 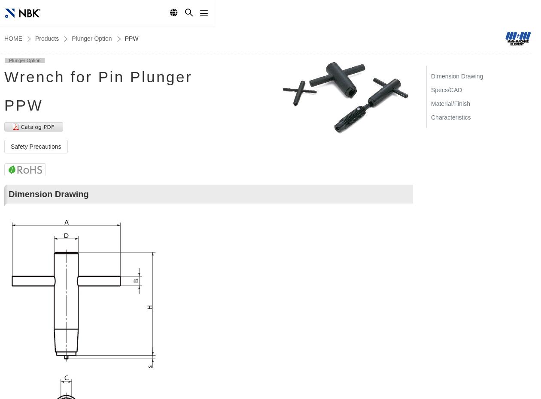 What do you see at coordinates (447, 90) in the screenshot?
I see `'Specs/CAD'` at bounding box center [447, 90].